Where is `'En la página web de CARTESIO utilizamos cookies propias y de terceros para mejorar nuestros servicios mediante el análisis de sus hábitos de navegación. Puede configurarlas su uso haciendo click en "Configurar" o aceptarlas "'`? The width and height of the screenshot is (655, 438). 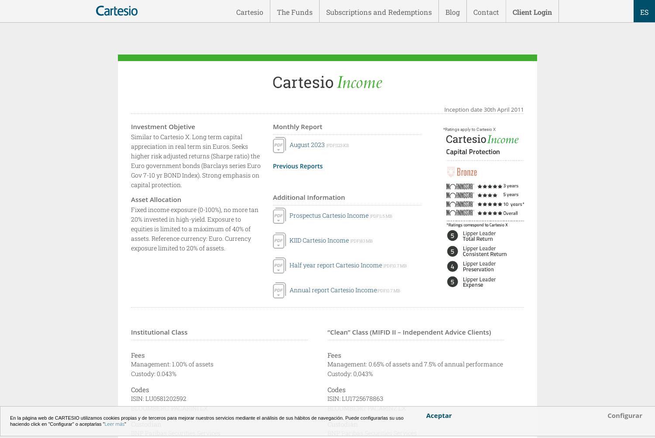 'En la página web de CARTESIO utilizamos cookies propias y de terceros para mejorar nuestros servicios mediante el análisis de sus hábitos de navegación. Puede configurarlas su uso haciendo click en "Configurar" o aceptarlas "' is located at coordinates (206, 421).